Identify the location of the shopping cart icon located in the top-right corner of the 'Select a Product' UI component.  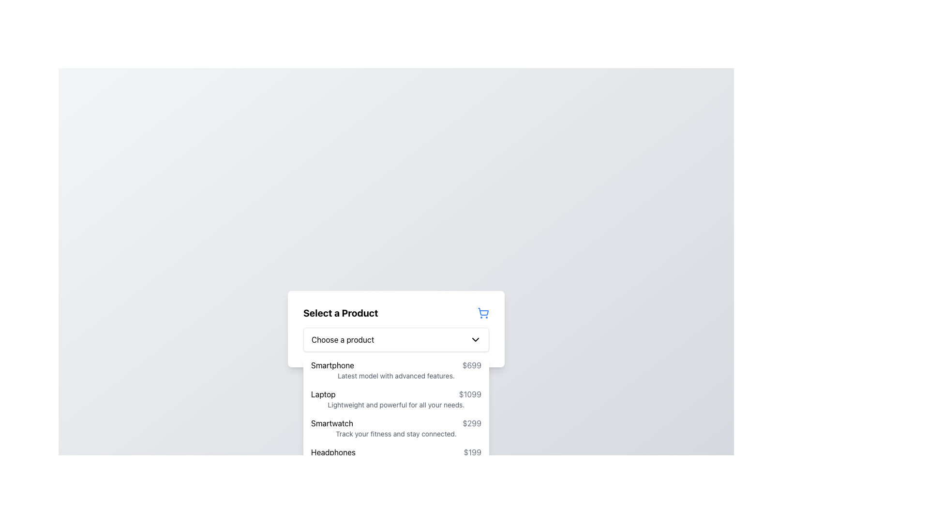
(483, 312).